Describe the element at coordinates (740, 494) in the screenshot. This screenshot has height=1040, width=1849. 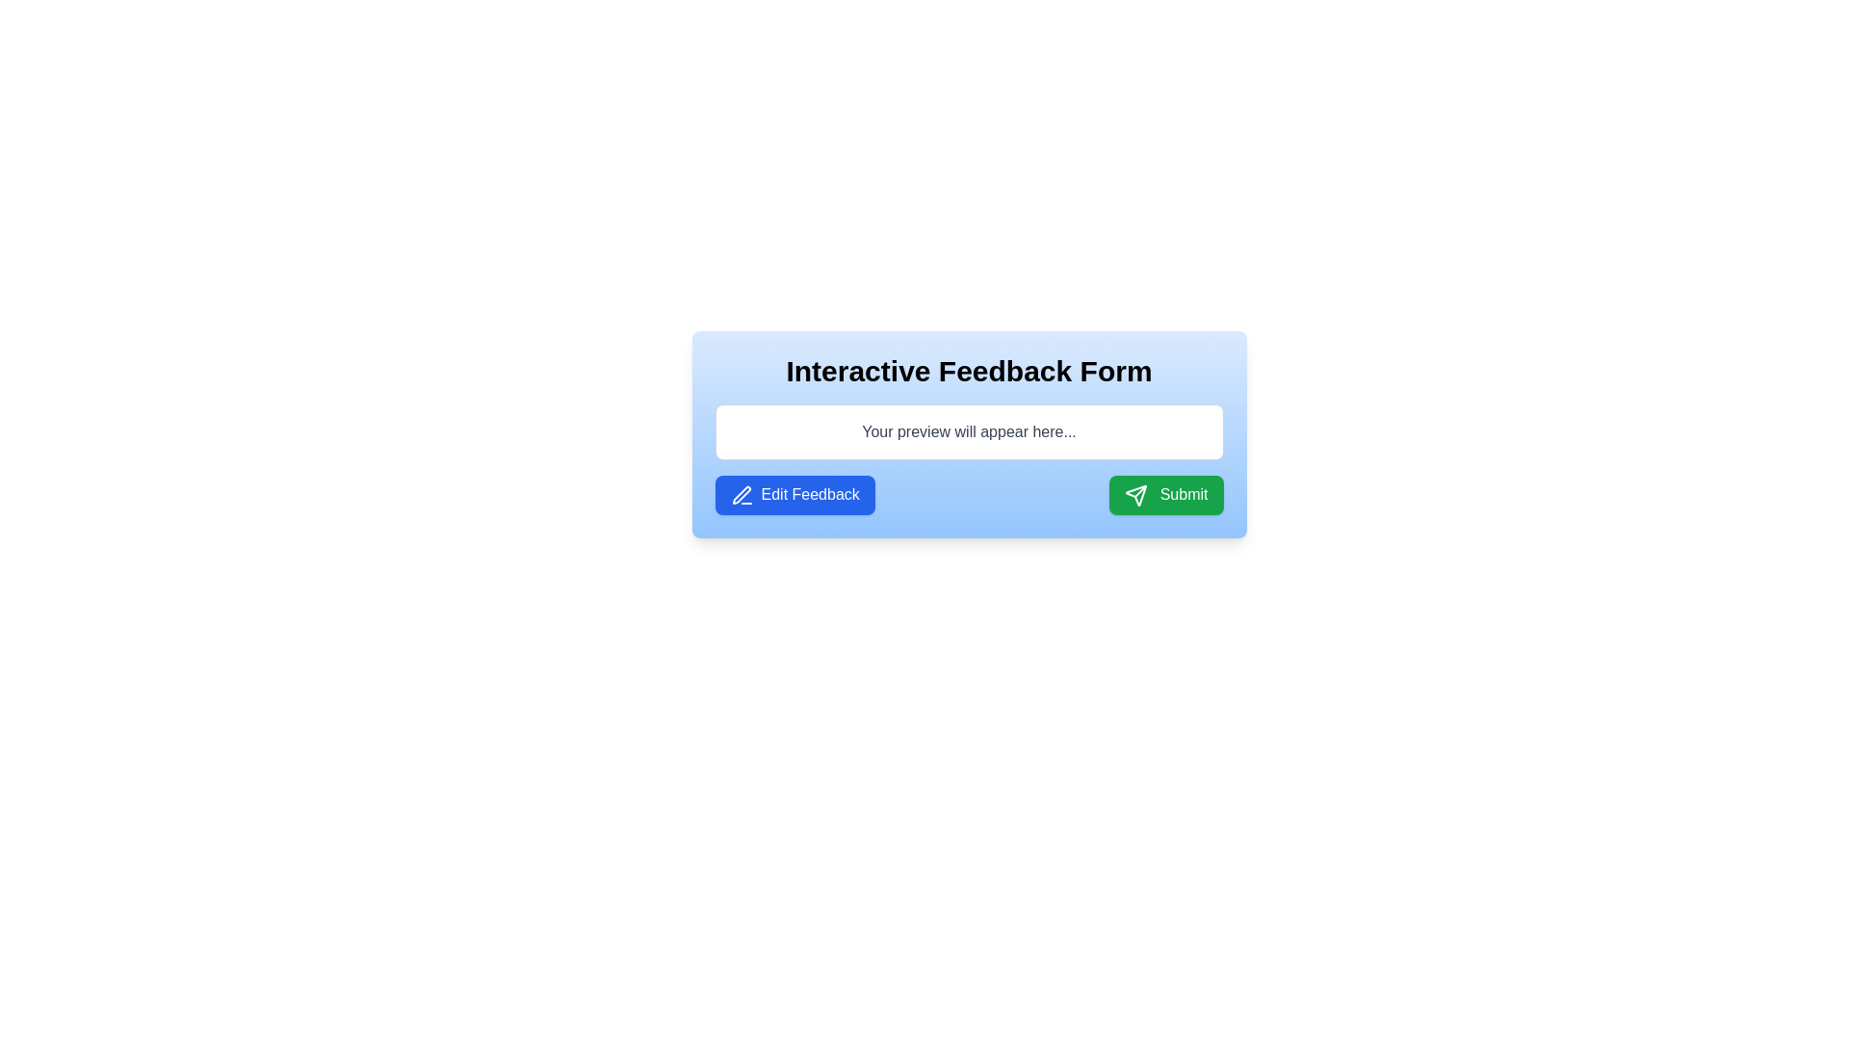
I see `the small pen-like icon used for editing functionality, which is located within the 'Edit Feedback' button` at that location.